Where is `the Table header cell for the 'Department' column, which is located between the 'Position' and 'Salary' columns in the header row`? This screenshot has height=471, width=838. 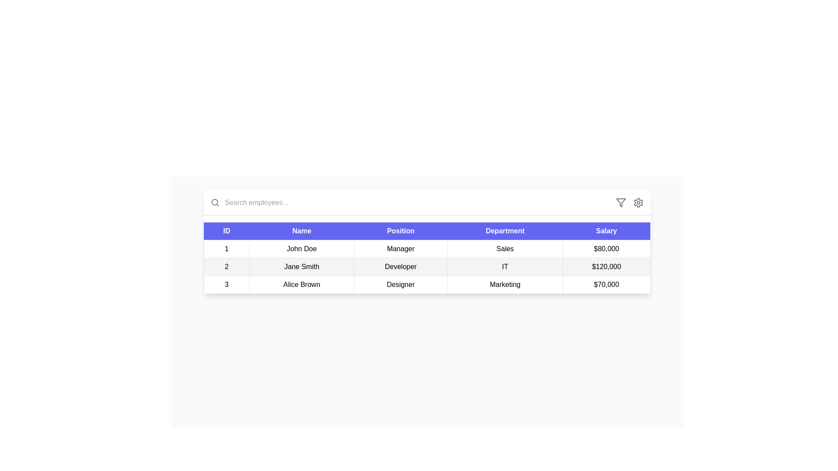
the Table header cell for the 'Department' column, which is located between the 'Position' and 'Salary' columns in the header row is located at coordinates (505, 231).